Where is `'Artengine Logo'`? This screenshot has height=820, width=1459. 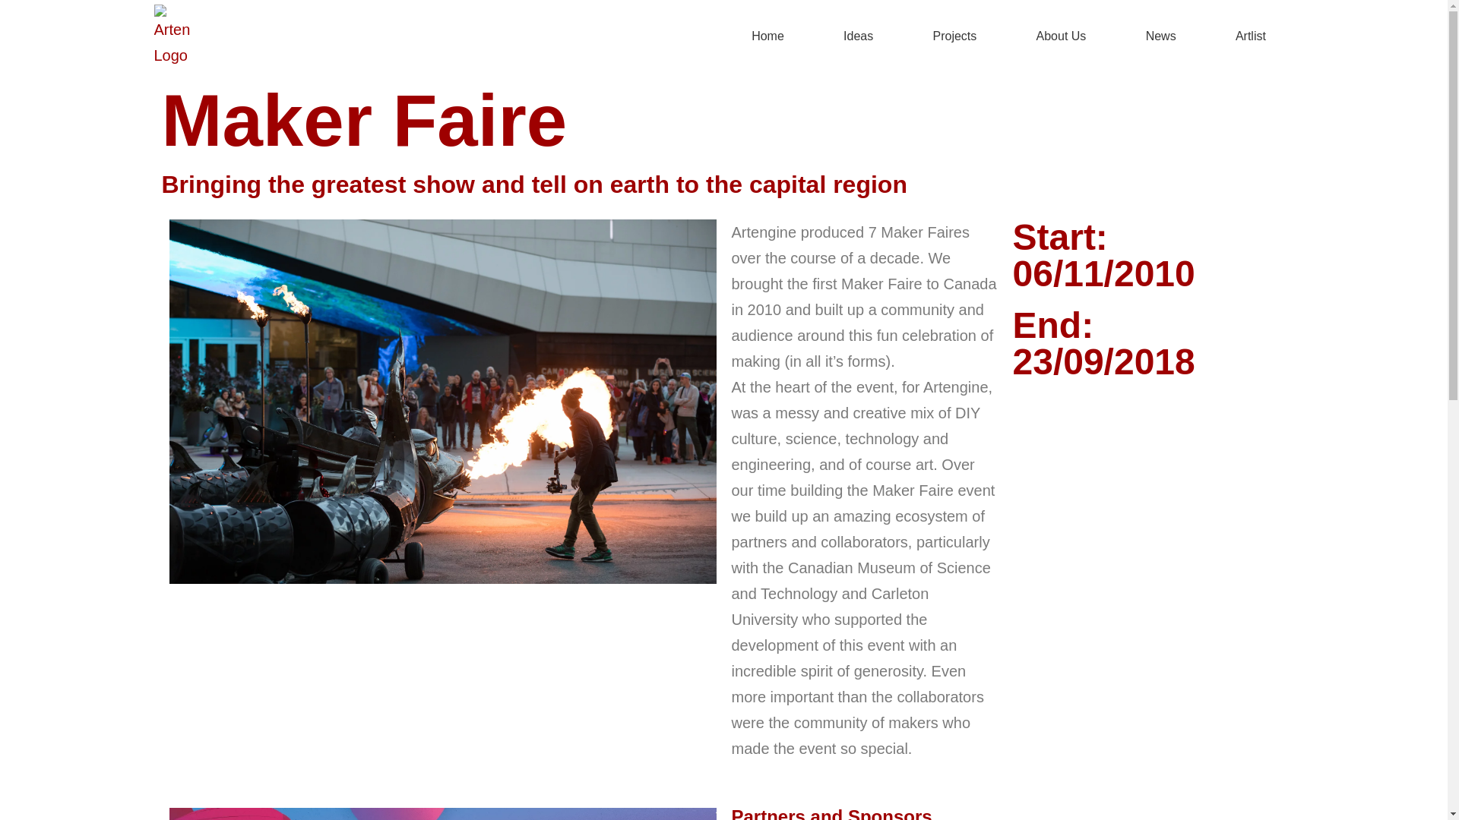 'Artengine Logo' is located at coordinates (153, 35).